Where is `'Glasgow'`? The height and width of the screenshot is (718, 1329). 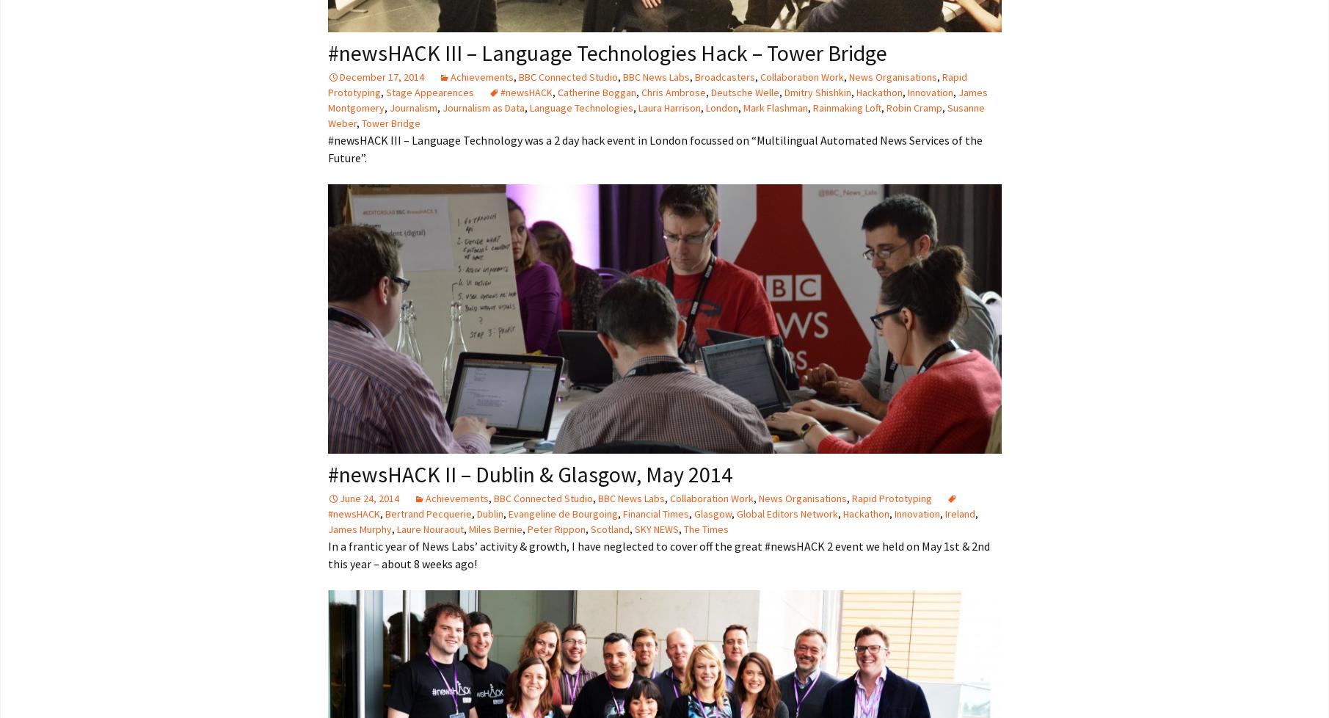 'Glasgow' is located at coordinates (711, 513).